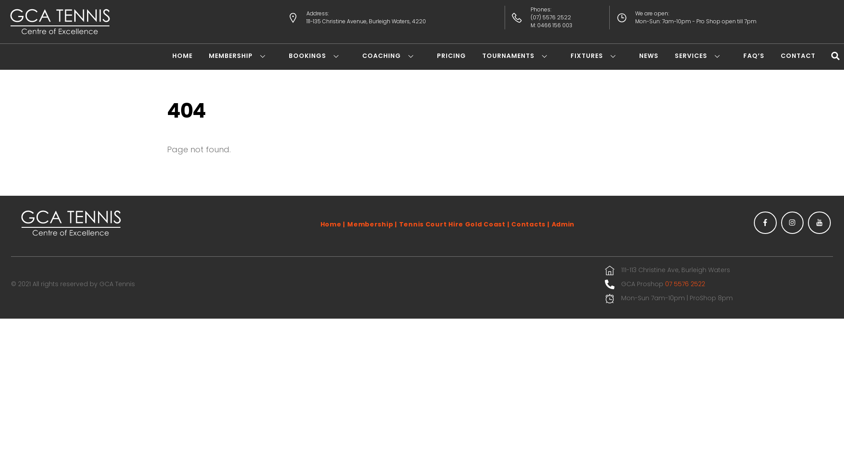  I want to click on '07 5576 2522', so click(684, 284).